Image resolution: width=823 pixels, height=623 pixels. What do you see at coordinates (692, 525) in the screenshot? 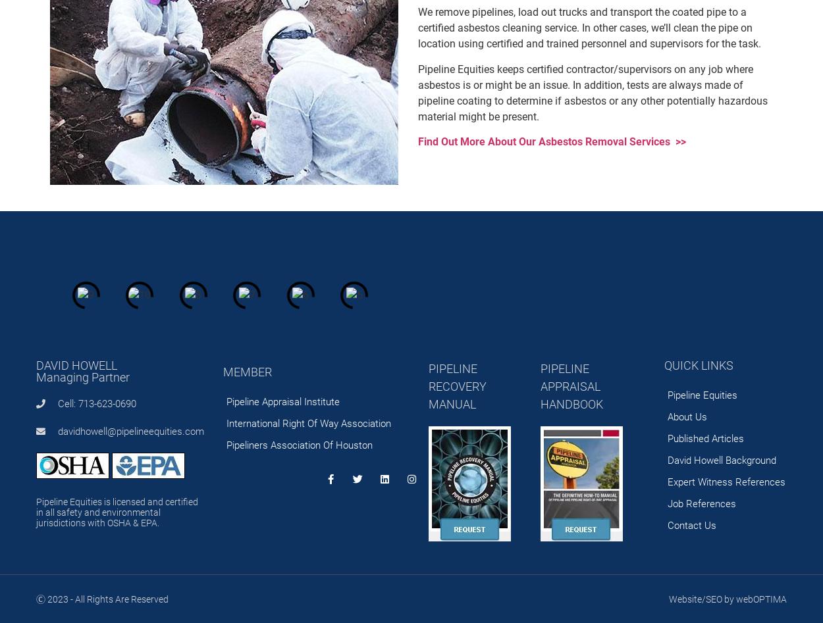
I see `'Contact Us'` at bounding box center [692, 525].